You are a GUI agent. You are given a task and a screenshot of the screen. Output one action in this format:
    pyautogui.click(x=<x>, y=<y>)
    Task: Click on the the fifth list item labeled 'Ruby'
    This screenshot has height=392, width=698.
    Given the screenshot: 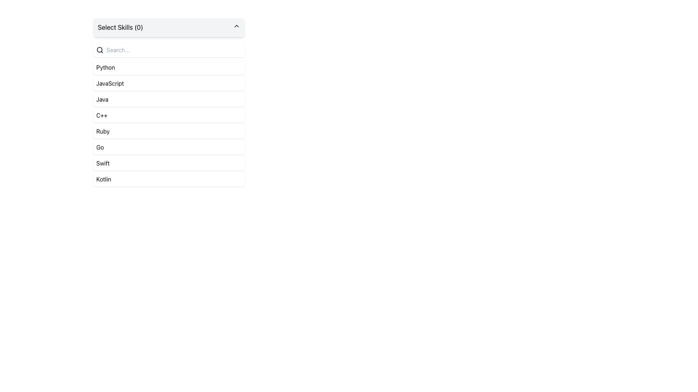 What is the action you would take?
    pyautogui.click(x=169, y=131)
    